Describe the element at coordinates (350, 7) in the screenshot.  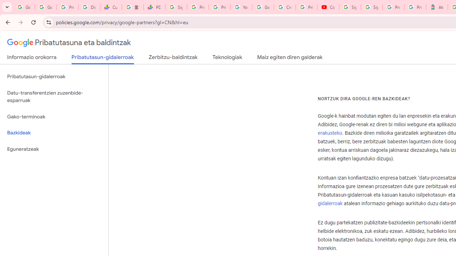
I see `'Sign in - Google Accounts'` at that location.